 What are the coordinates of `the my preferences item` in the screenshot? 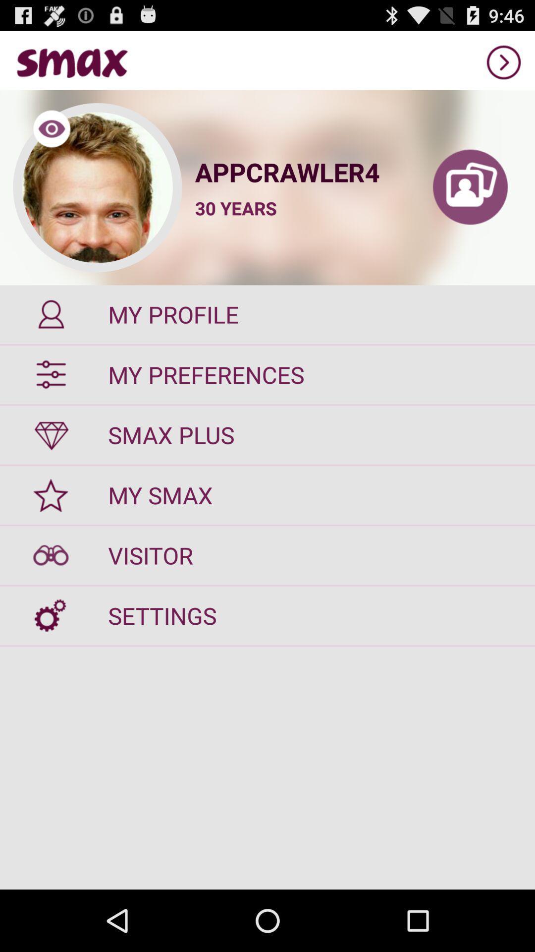 It's located at (267, 374).